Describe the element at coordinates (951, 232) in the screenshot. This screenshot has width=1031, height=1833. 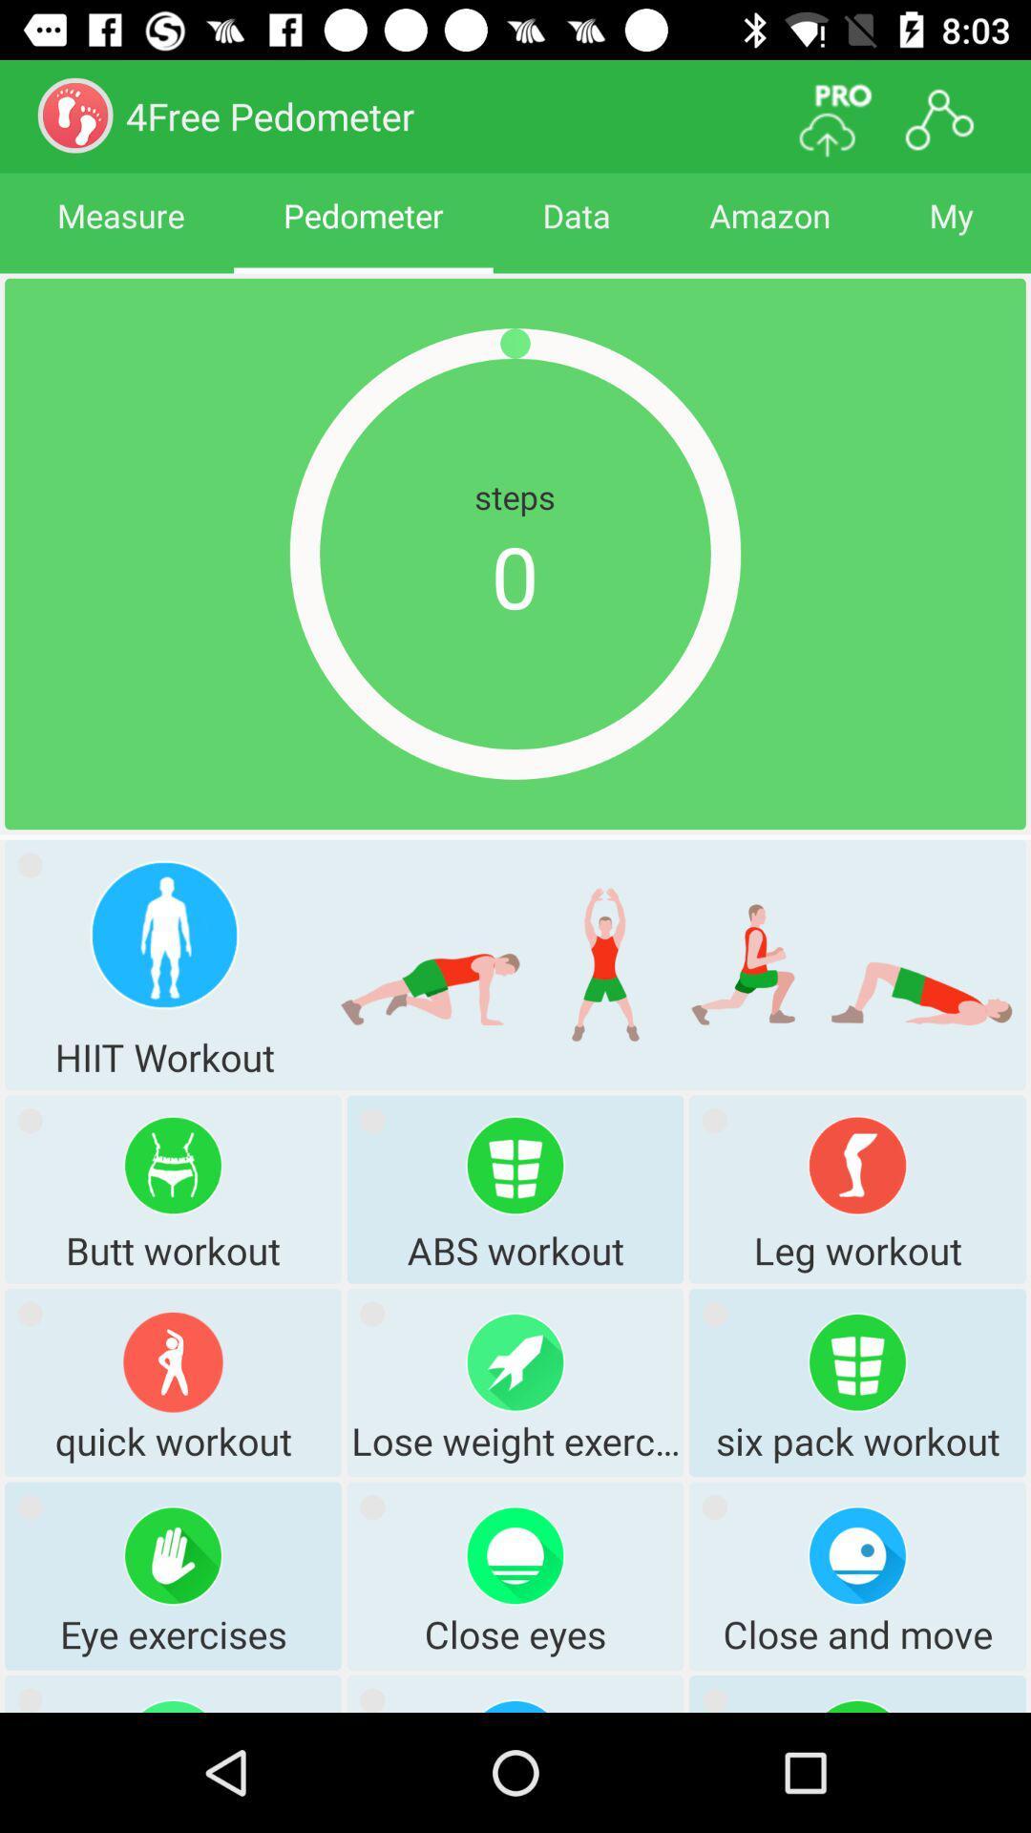
I see `my item` at that location.